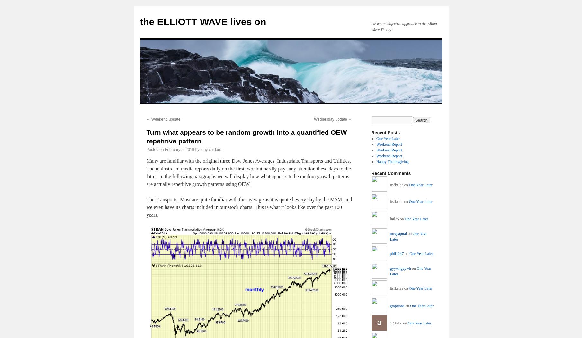 This screenshot has height=338, width=582. Describe the element at coordinates (165, 119) in the screenshot. I see `'Weekend update'` at that location.